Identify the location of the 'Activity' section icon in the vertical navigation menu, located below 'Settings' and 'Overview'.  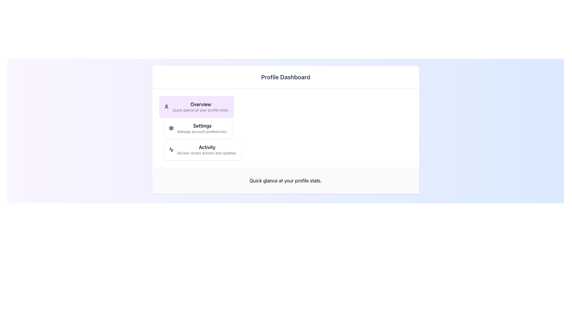
(171, 149).